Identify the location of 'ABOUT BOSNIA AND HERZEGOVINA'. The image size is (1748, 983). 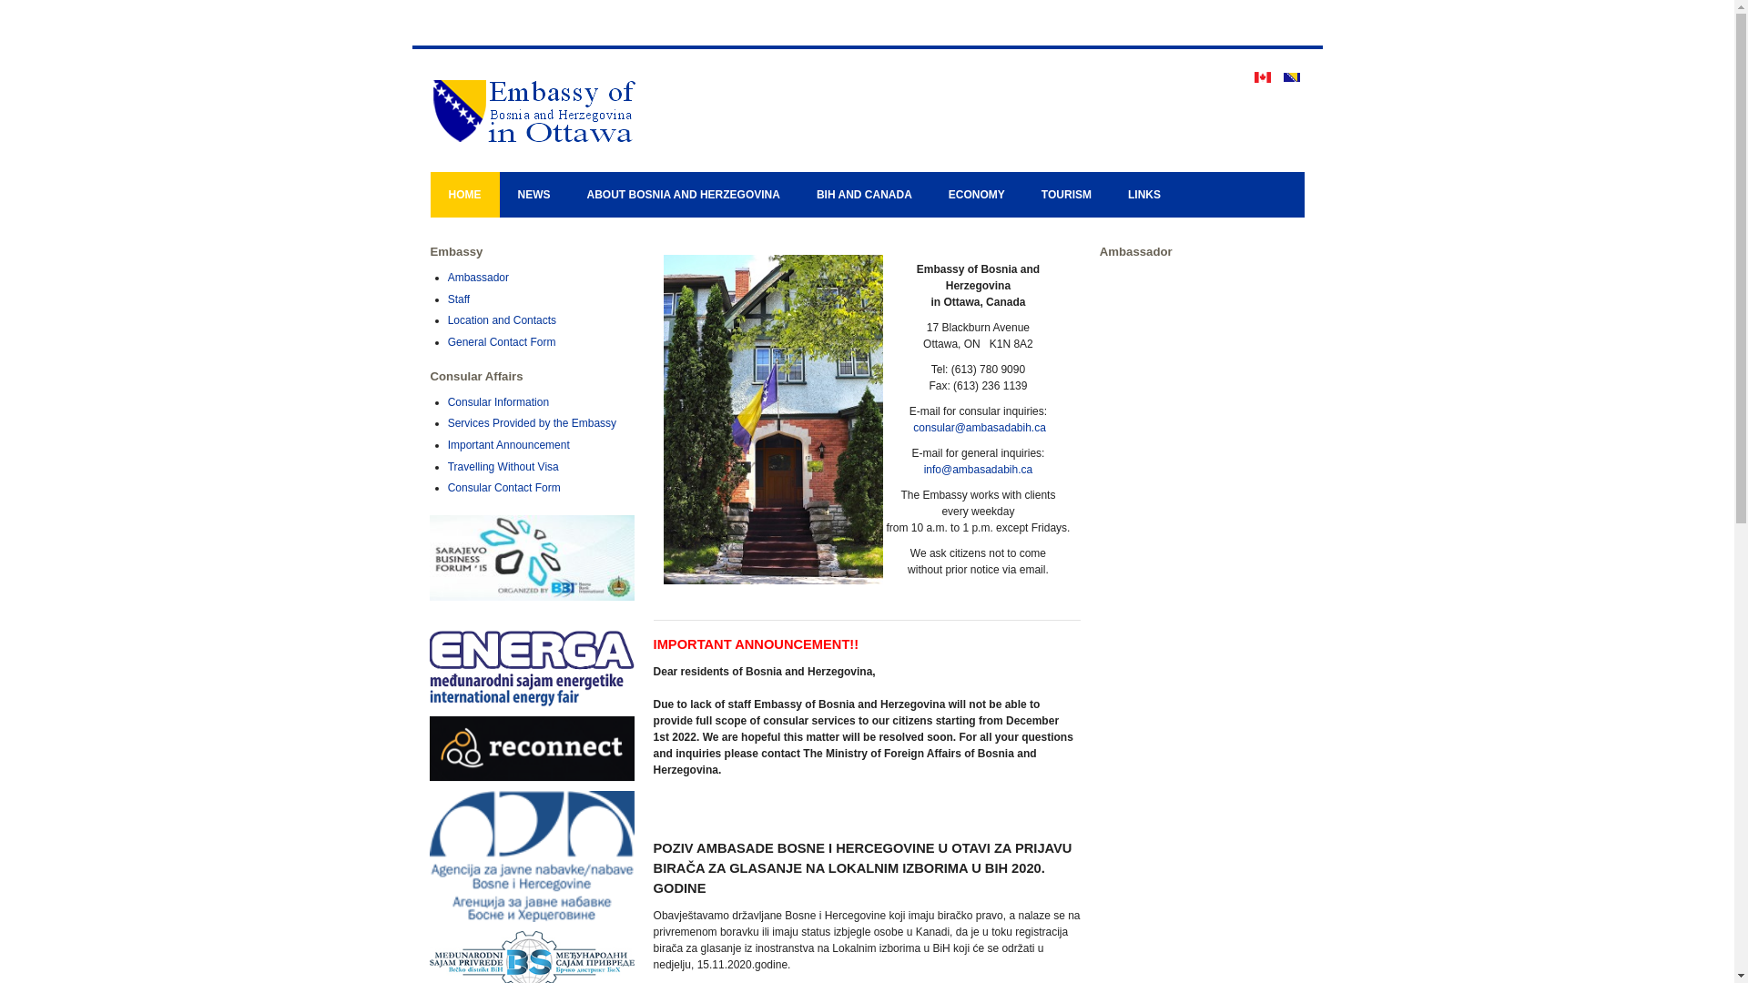
(681, 194).